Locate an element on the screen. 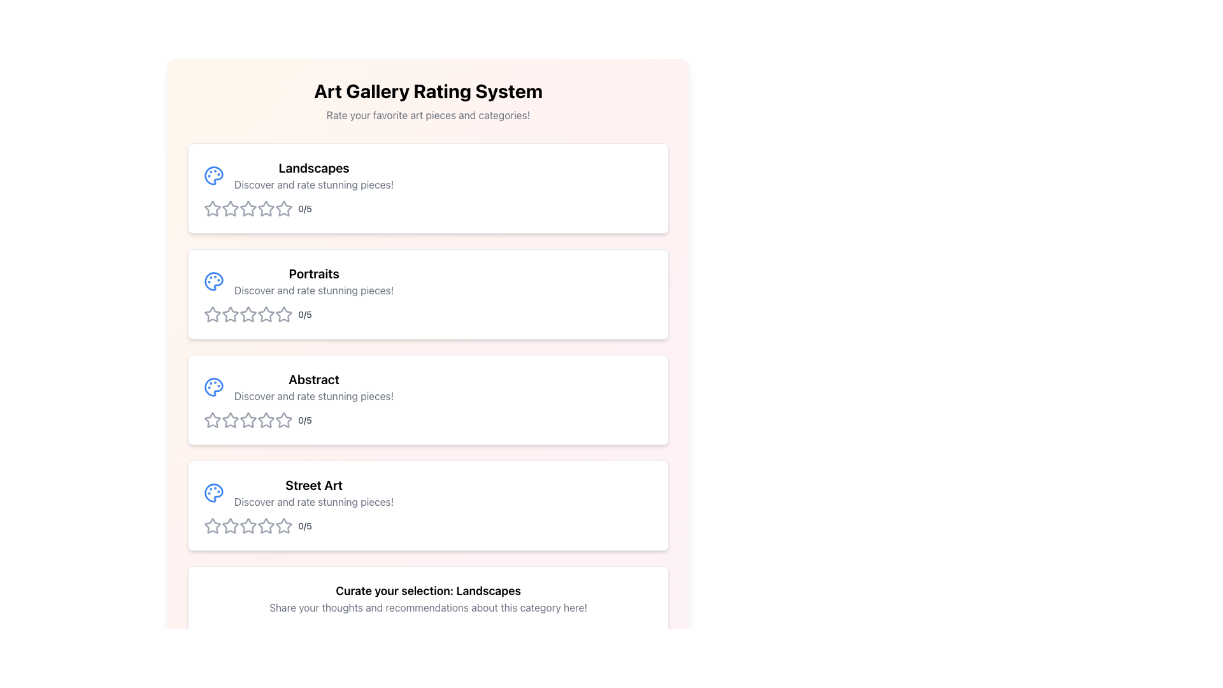 The image size is (1223, 688). the 'Landscapes' category title in the art gallery rating system, which is located above the text 'Discover and rate stunning pieces!' is located at coordinates (314, 167).